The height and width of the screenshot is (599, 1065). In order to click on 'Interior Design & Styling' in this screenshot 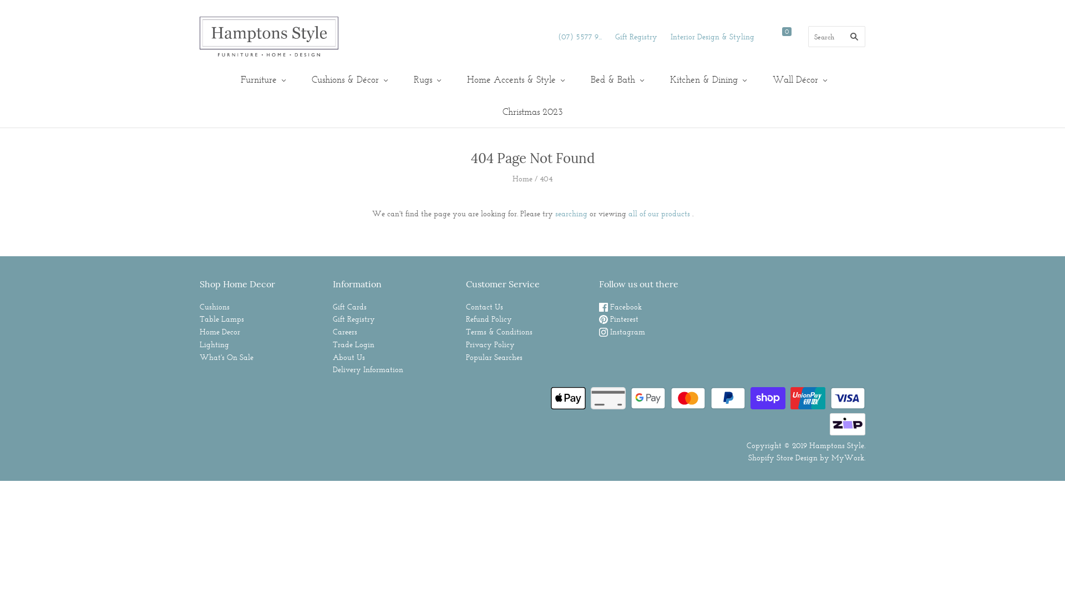, I will do `click(670, 35)`.